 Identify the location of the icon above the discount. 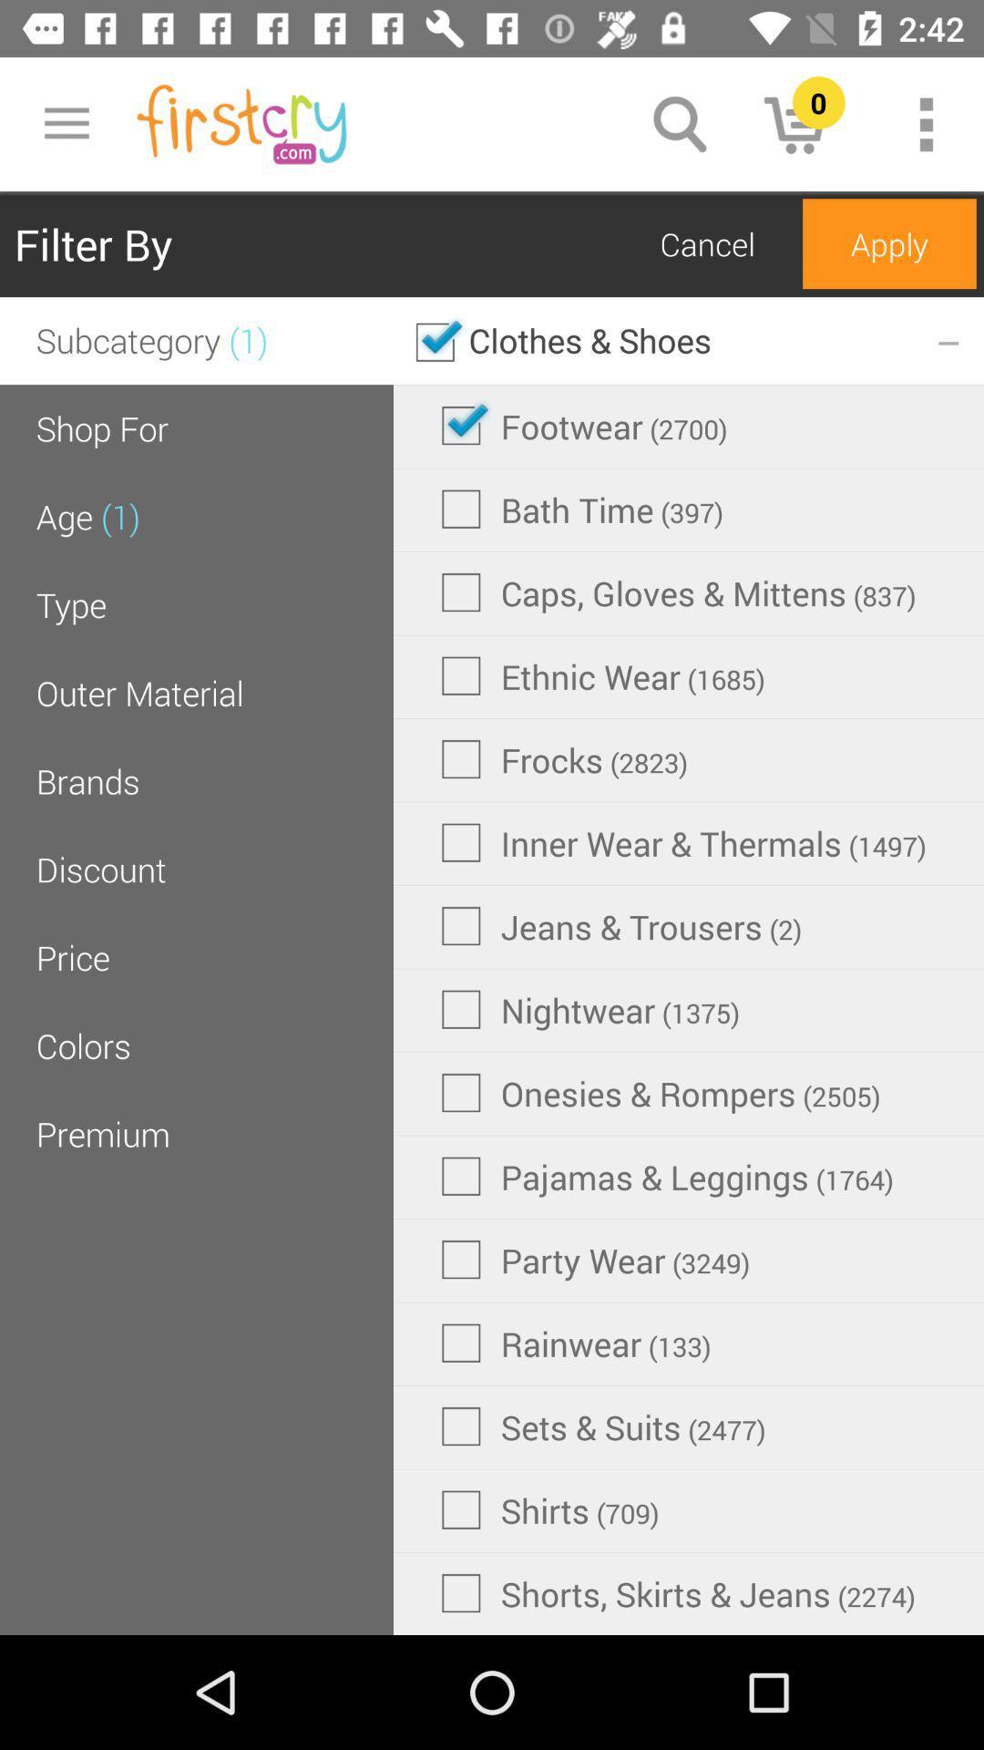
(87, 781).